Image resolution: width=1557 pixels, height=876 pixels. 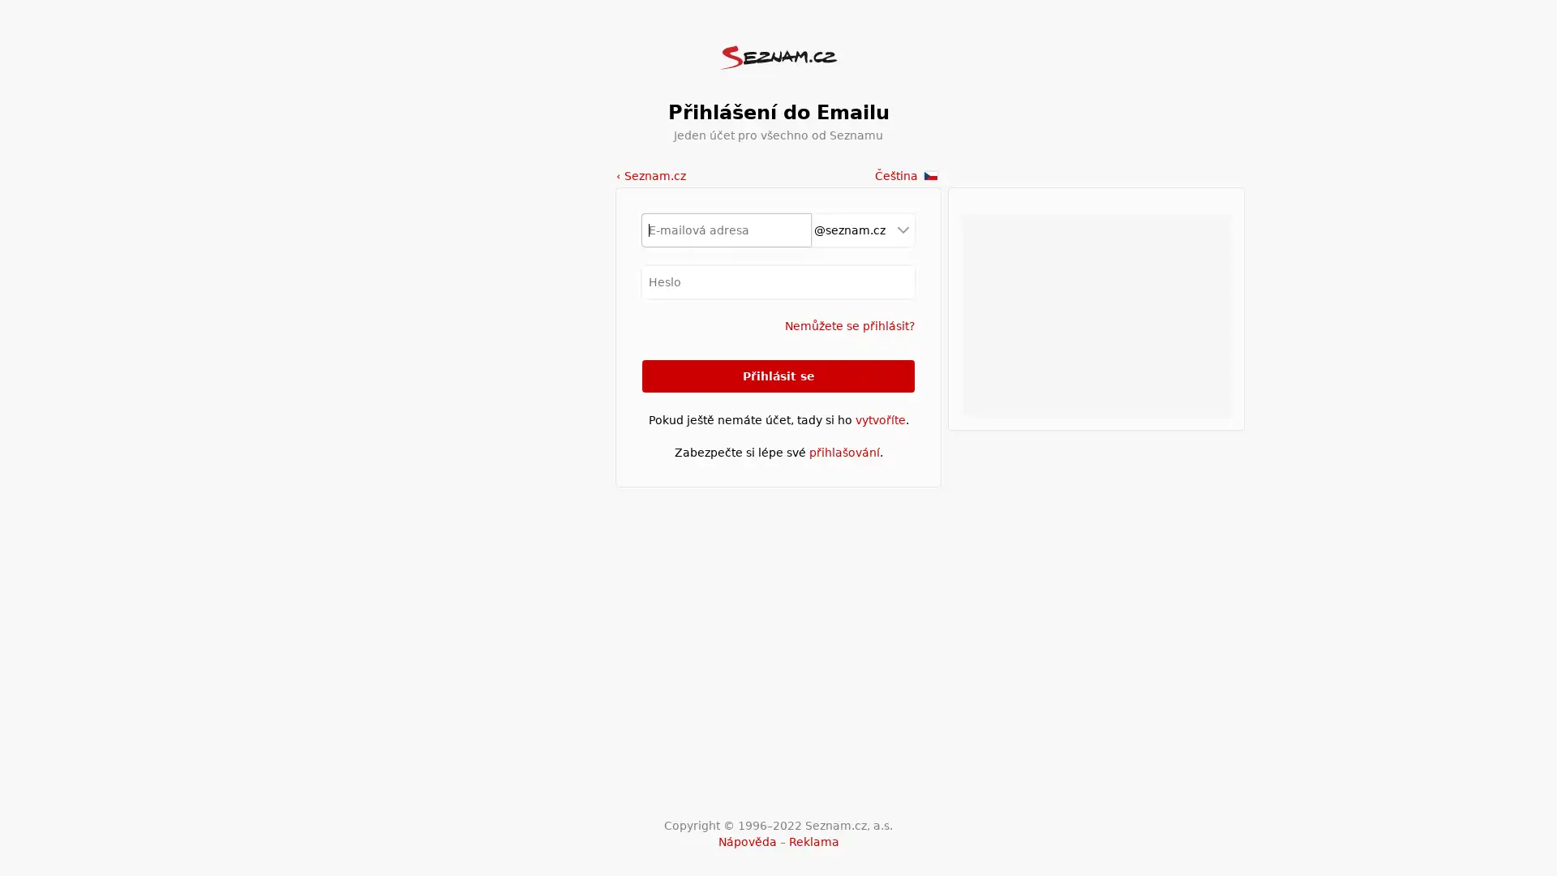 What do you see at coordinates (778, 376) in the screenshot?
I see `Prihlasit se` at bounding box center [778, 376].